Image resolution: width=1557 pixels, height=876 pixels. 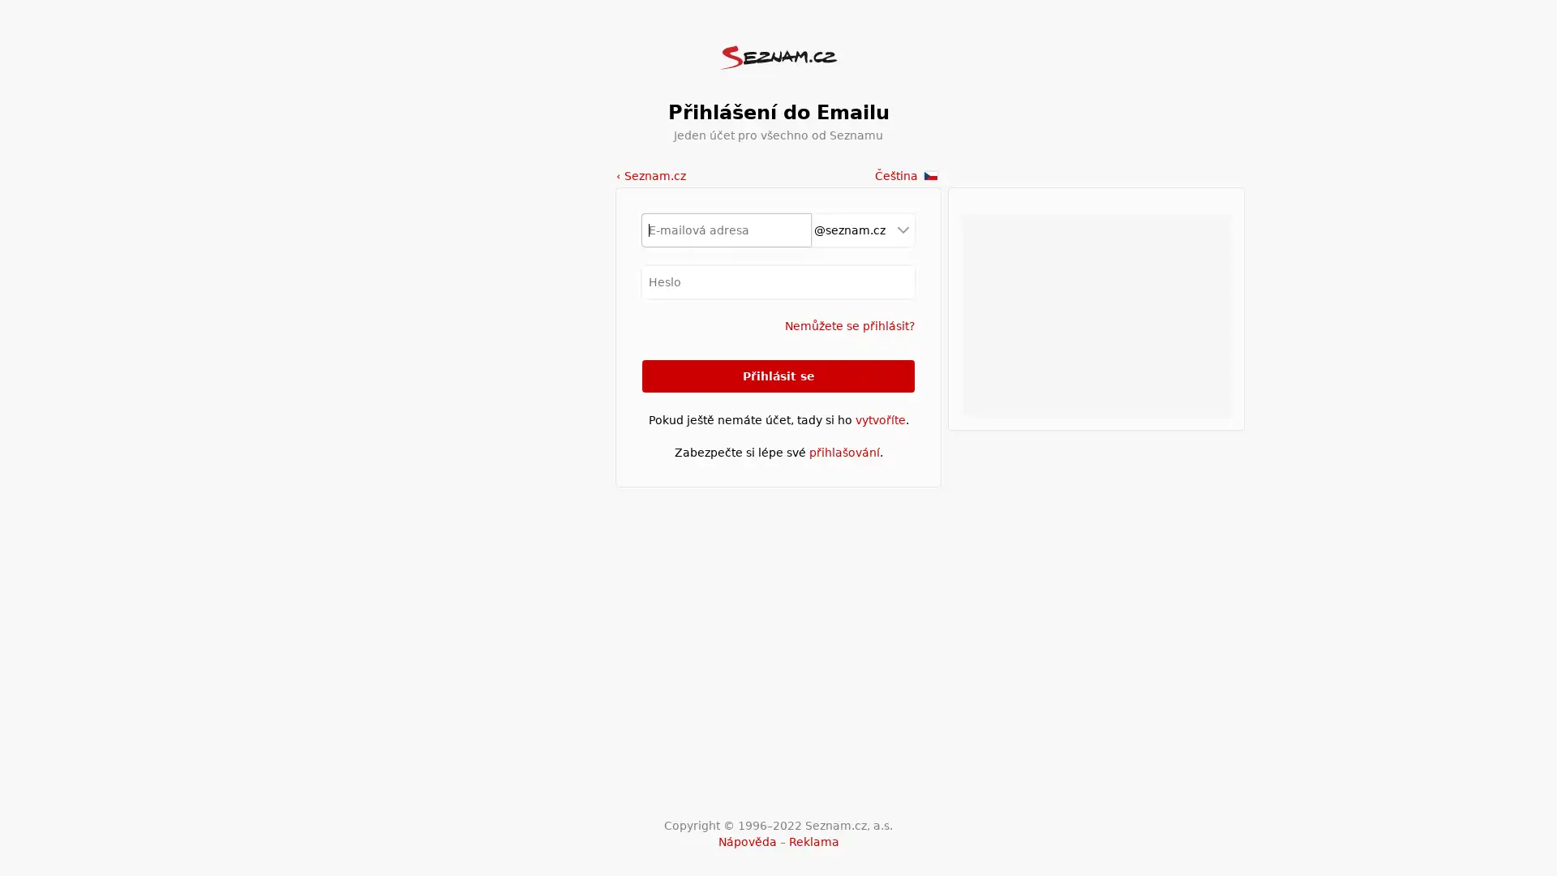 What do you see at coordinates (778, 376) in the screenshot?
I see `Prihlasit se` at bounding box center [778, 376].